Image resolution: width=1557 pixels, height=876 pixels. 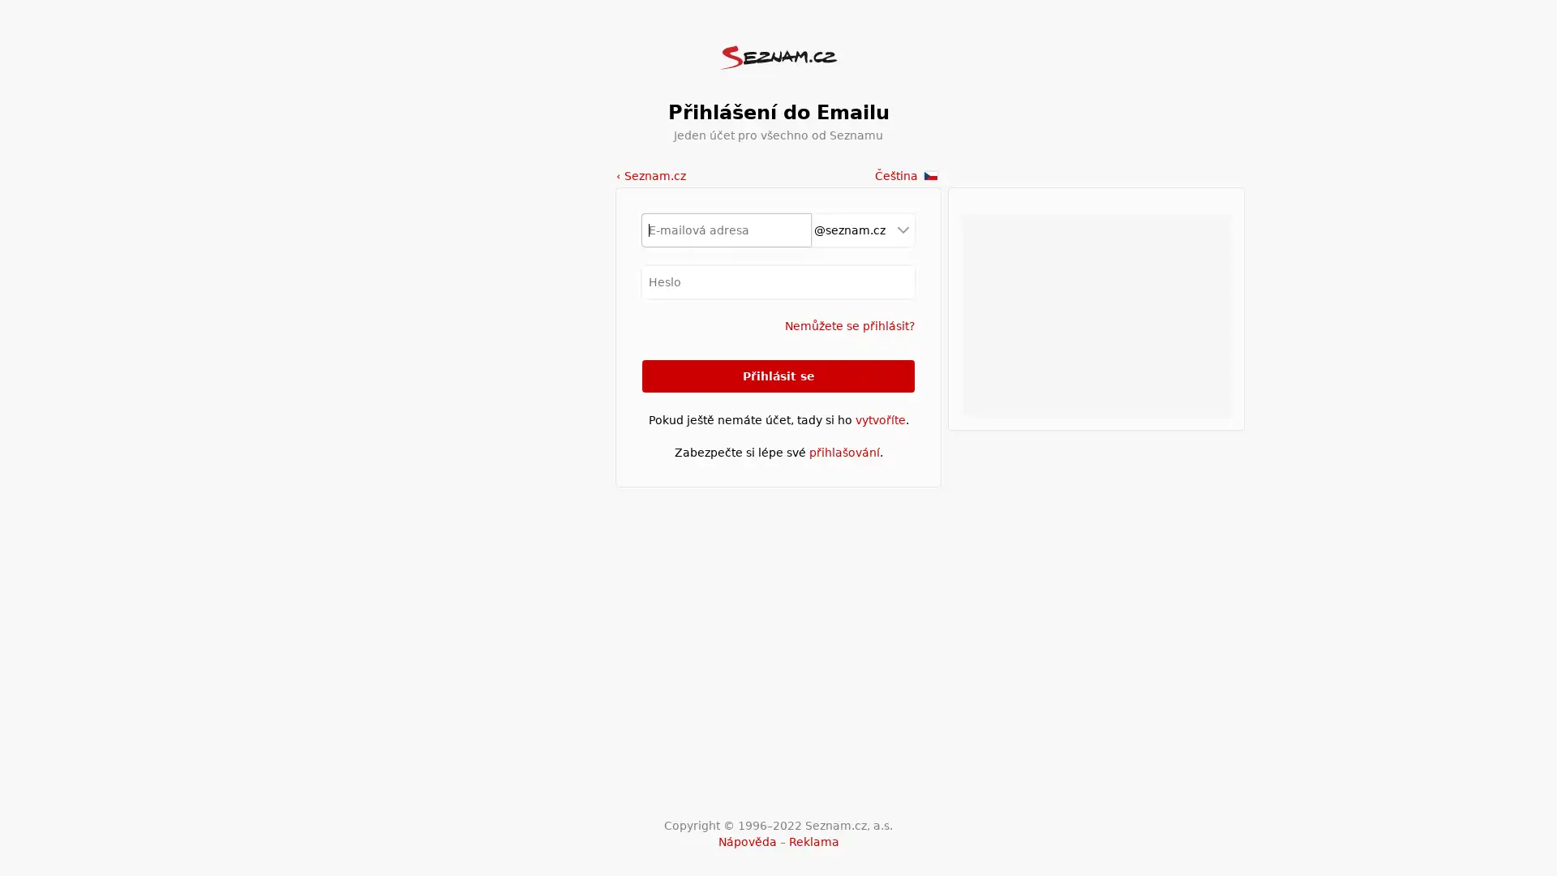 What do you see at coordinates (778, 376) in the screenshot?
I see `Prihlasit se` at bounding box center [778, 376].